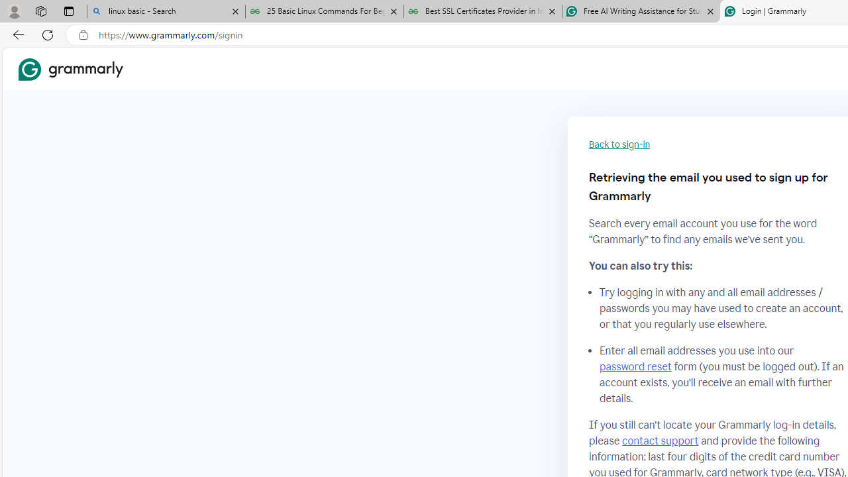  I want to click on '25 Basic Linux Commands For Beginners - GeeksforGeeks', so click(325, 11).